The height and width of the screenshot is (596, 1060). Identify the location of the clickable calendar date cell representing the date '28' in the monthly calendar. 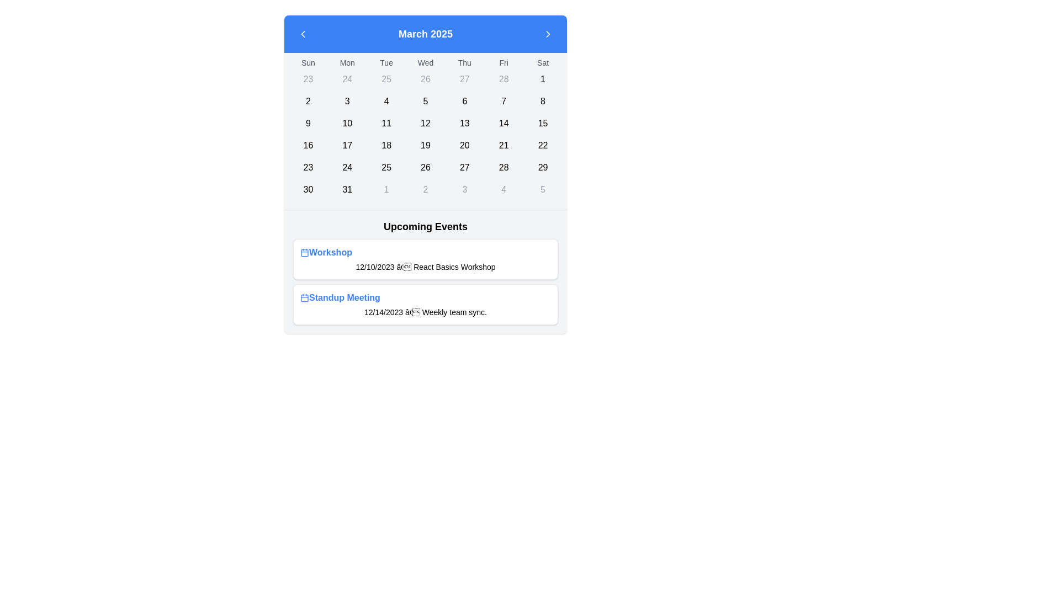
(503, 168).